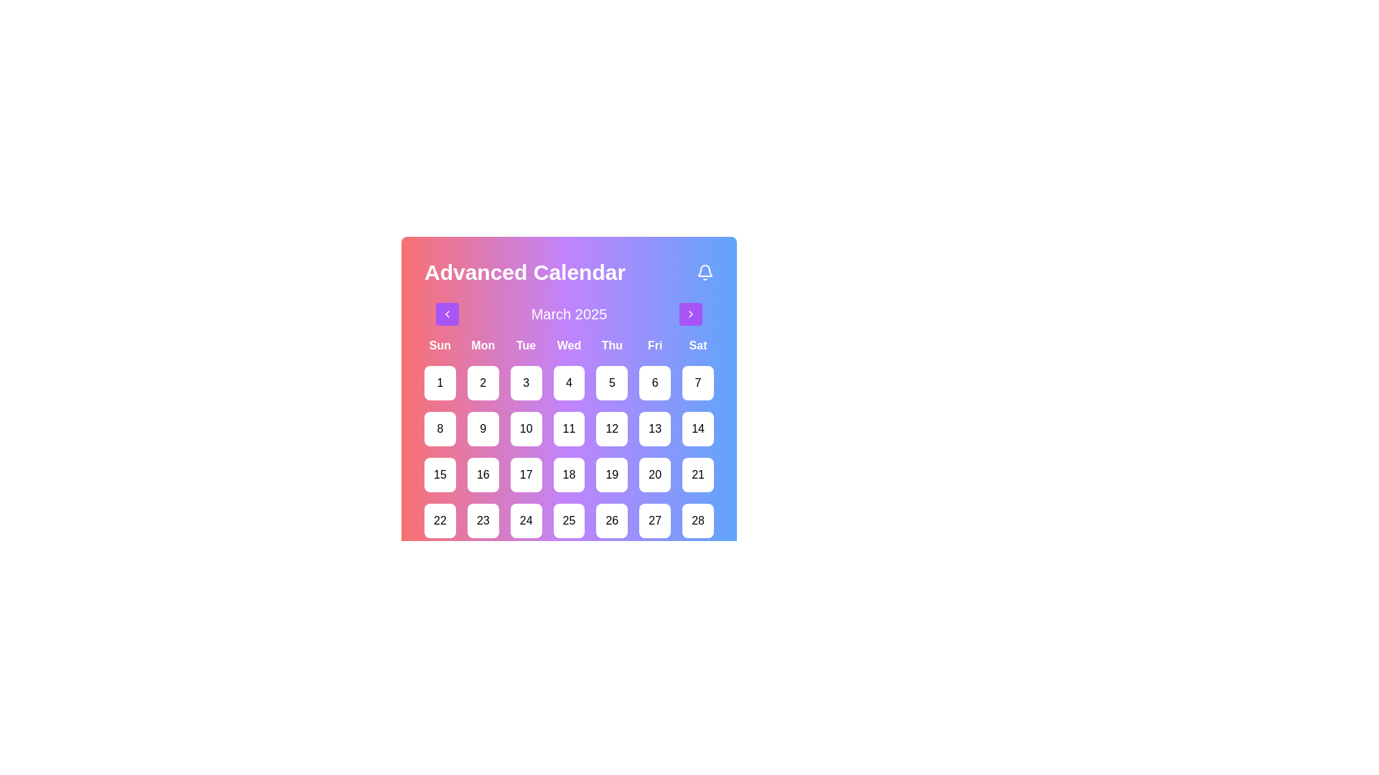  Describe the element at coordinates (698, 475) in the screenshot. I see `the Date tile displaying the number '21'` at that location.